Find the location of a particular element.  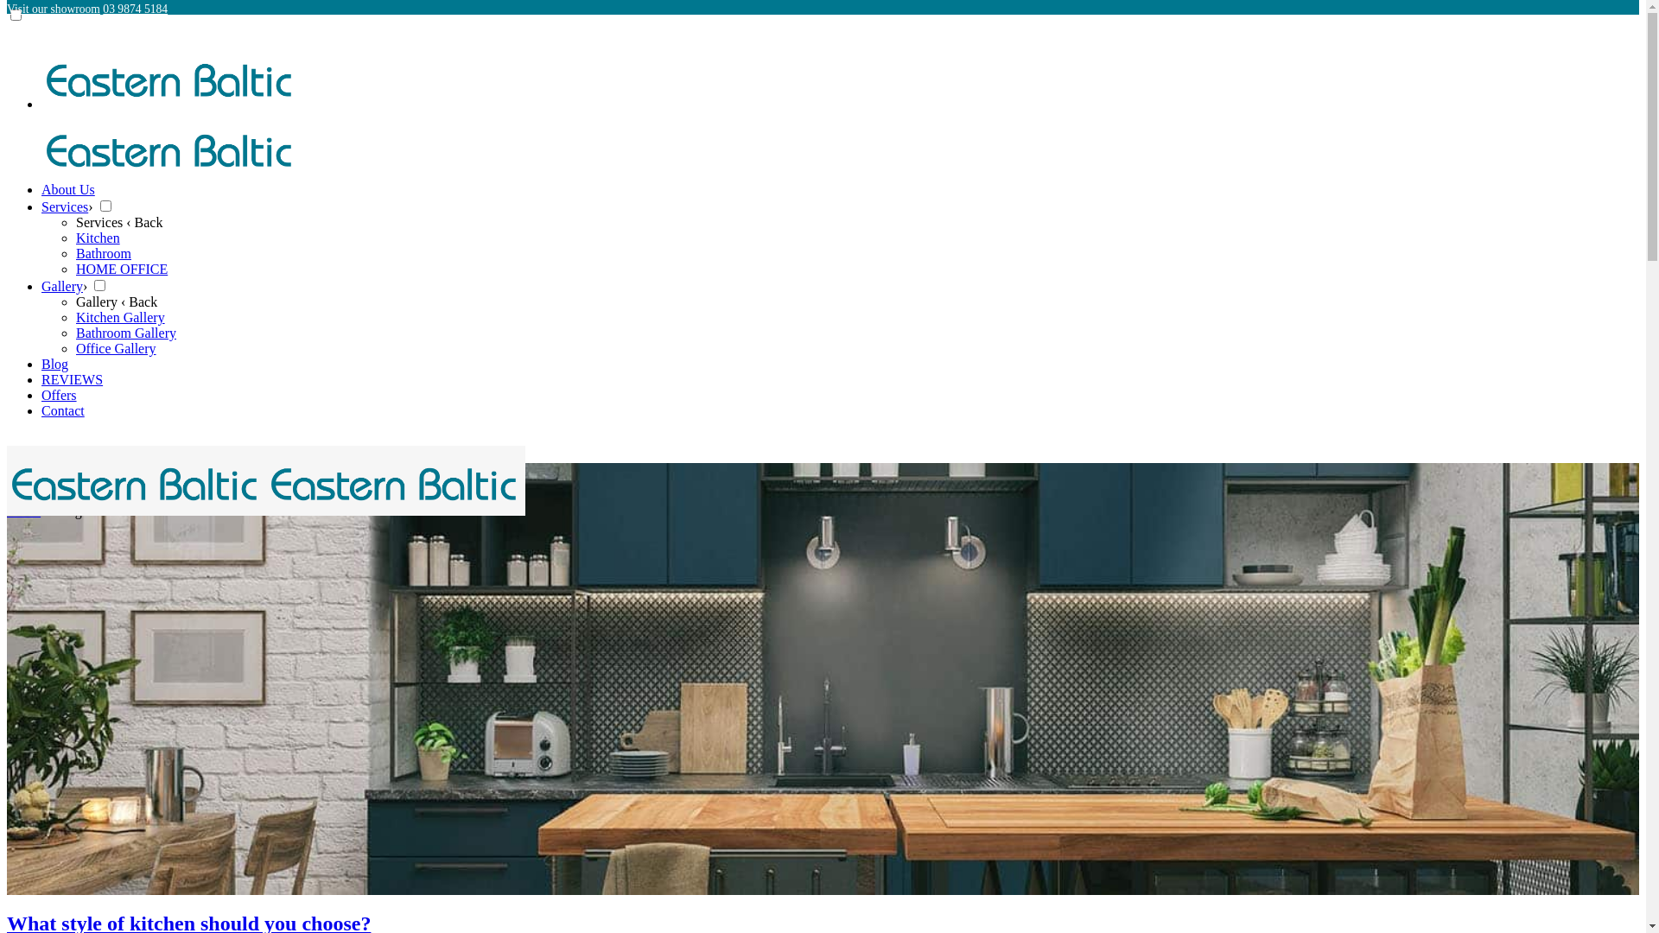

'Kitchen Gallery' is located at coordinates (119, 317).